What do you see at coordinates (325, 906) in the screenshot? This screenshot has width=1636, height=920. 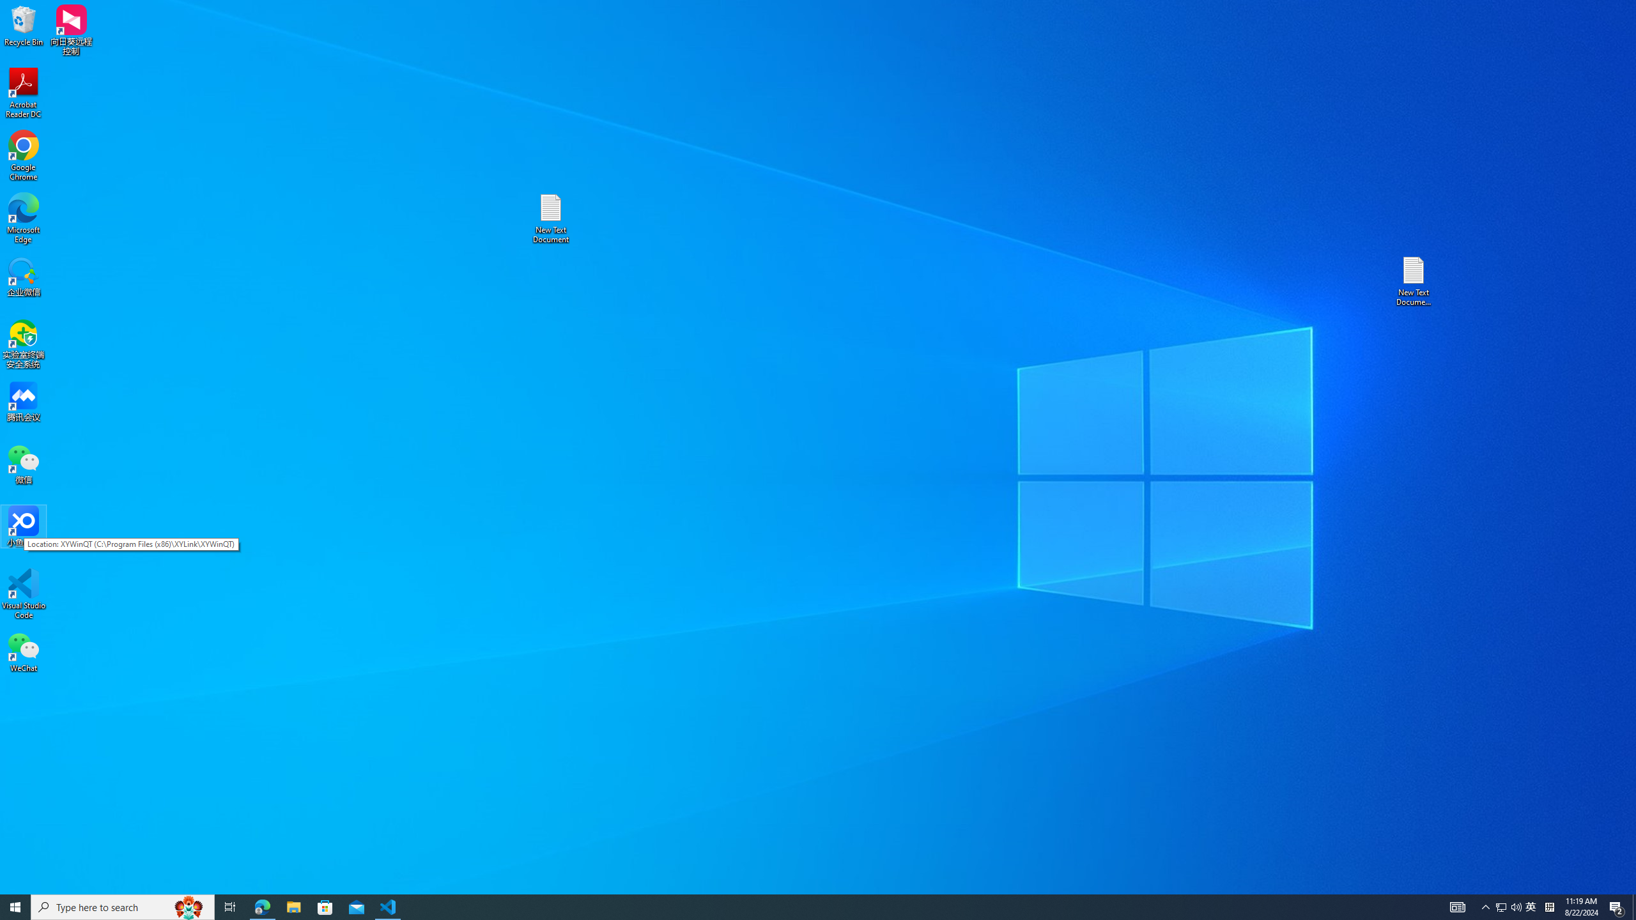 I see `'Microsoft Store'` at bounding box center [325, 906].